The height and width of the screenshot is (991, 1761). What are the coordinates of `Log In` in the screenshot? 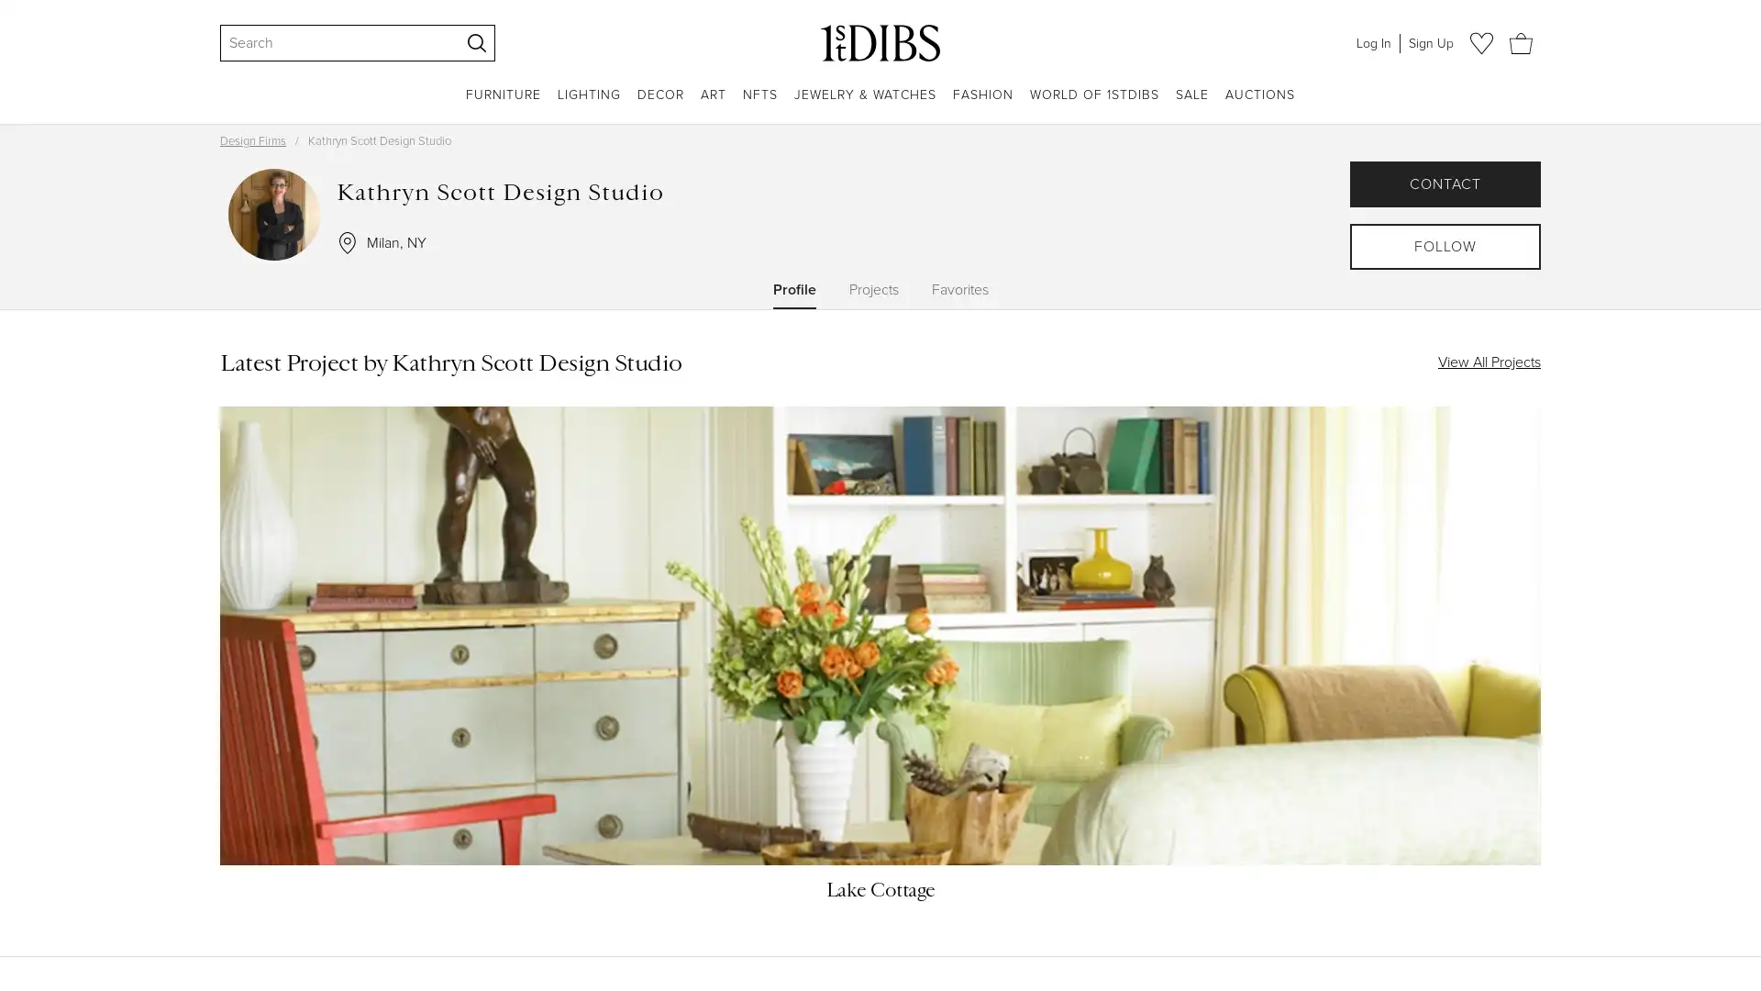 It's located at (1373, 41).